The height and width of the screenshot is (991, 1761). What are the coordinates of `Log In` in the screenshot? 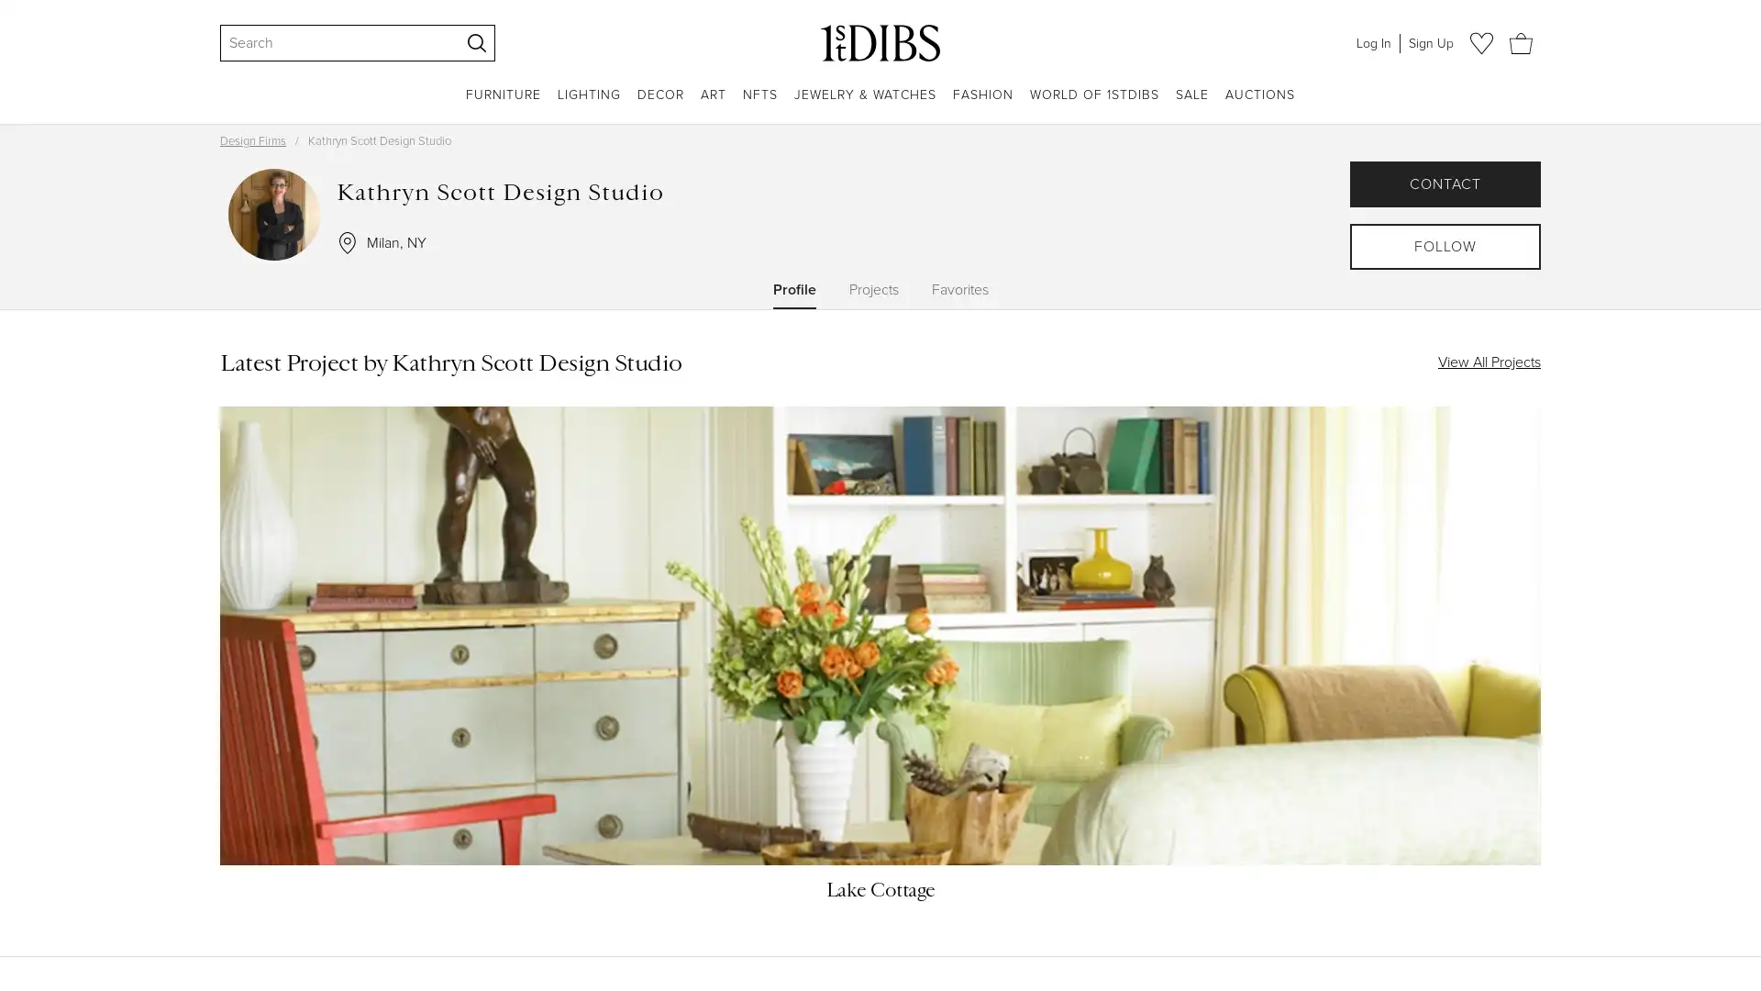 It's located at (1373, 41).